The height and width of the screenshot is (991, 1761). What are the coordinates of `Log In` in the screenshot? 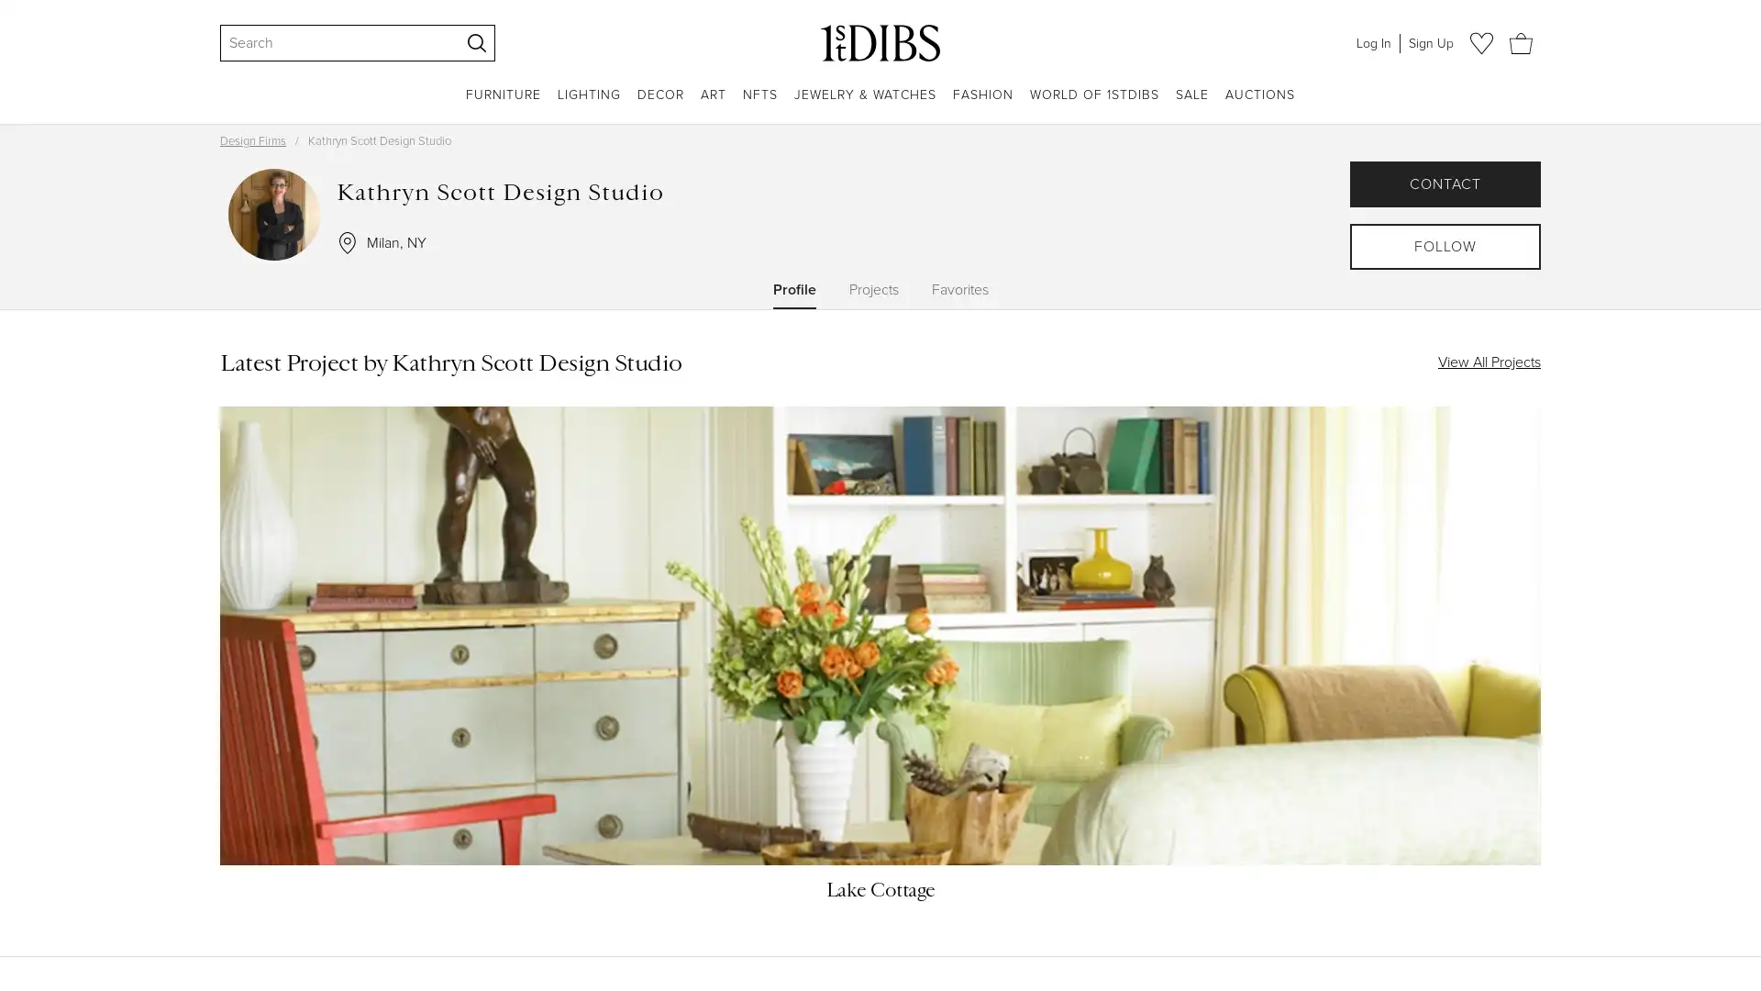 It's located at (1373, 41).